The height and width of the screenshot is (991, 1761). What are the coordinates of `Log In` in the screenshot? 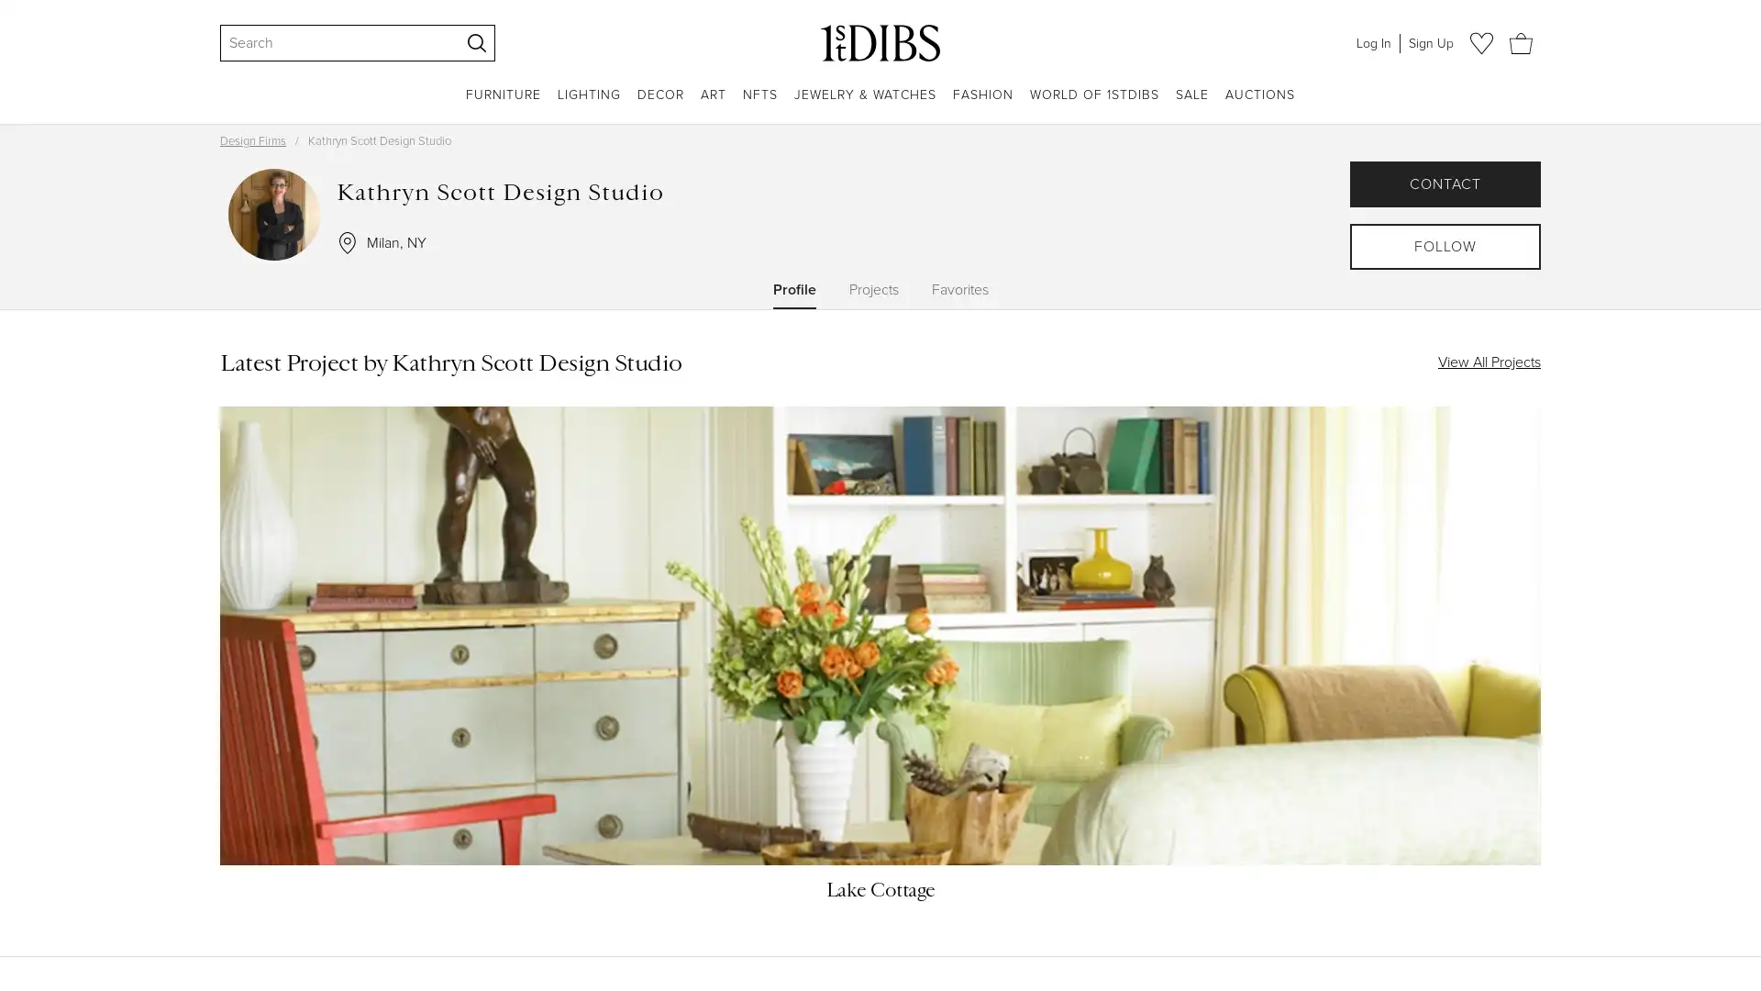 It's located at (1373, 41).